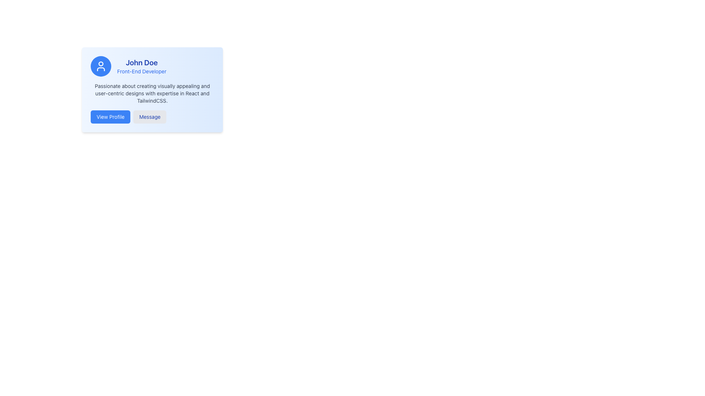 The height and width of the screenshot is (396, 705). Describe the element at coordinates (152, 66) in the screenshot. I see `the Header Section containing the circular user avatar and the text details 'John Doe' and 'Front-End Developer', which is located at the upper part of the card layout` at that location.